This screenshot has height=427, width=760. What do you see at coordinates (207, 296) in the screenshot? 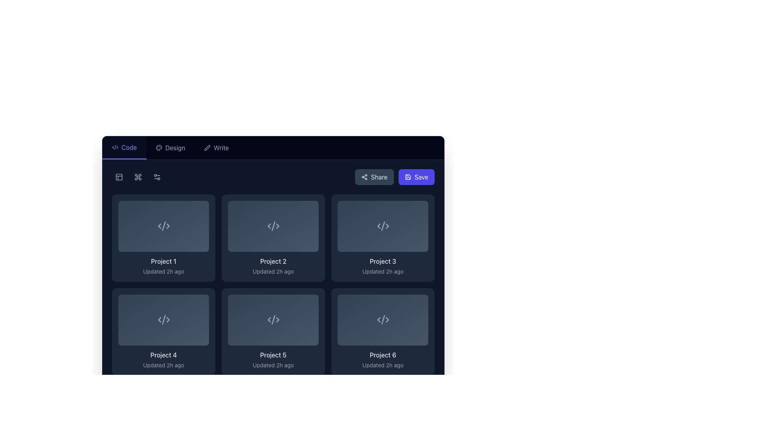
I see `the interactive grayish layered square icon located at the top-right corner of the 'Project 4' card` at bounding box center [207, 296].